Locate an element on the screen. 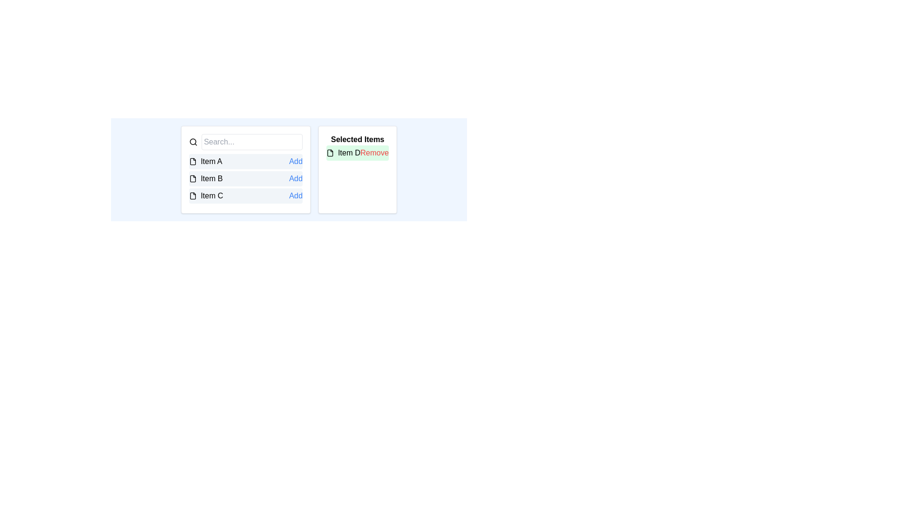  the file-type icon in the first column of the row labeled 'Item A', located to the left of the text 'Item A' is located at coordinates (193, 161).